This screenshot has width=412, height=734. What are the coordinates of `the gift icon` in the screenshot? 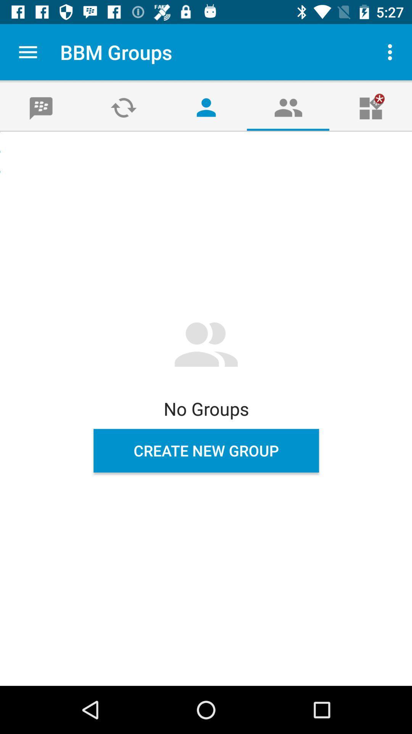 It's located at (370, 107).